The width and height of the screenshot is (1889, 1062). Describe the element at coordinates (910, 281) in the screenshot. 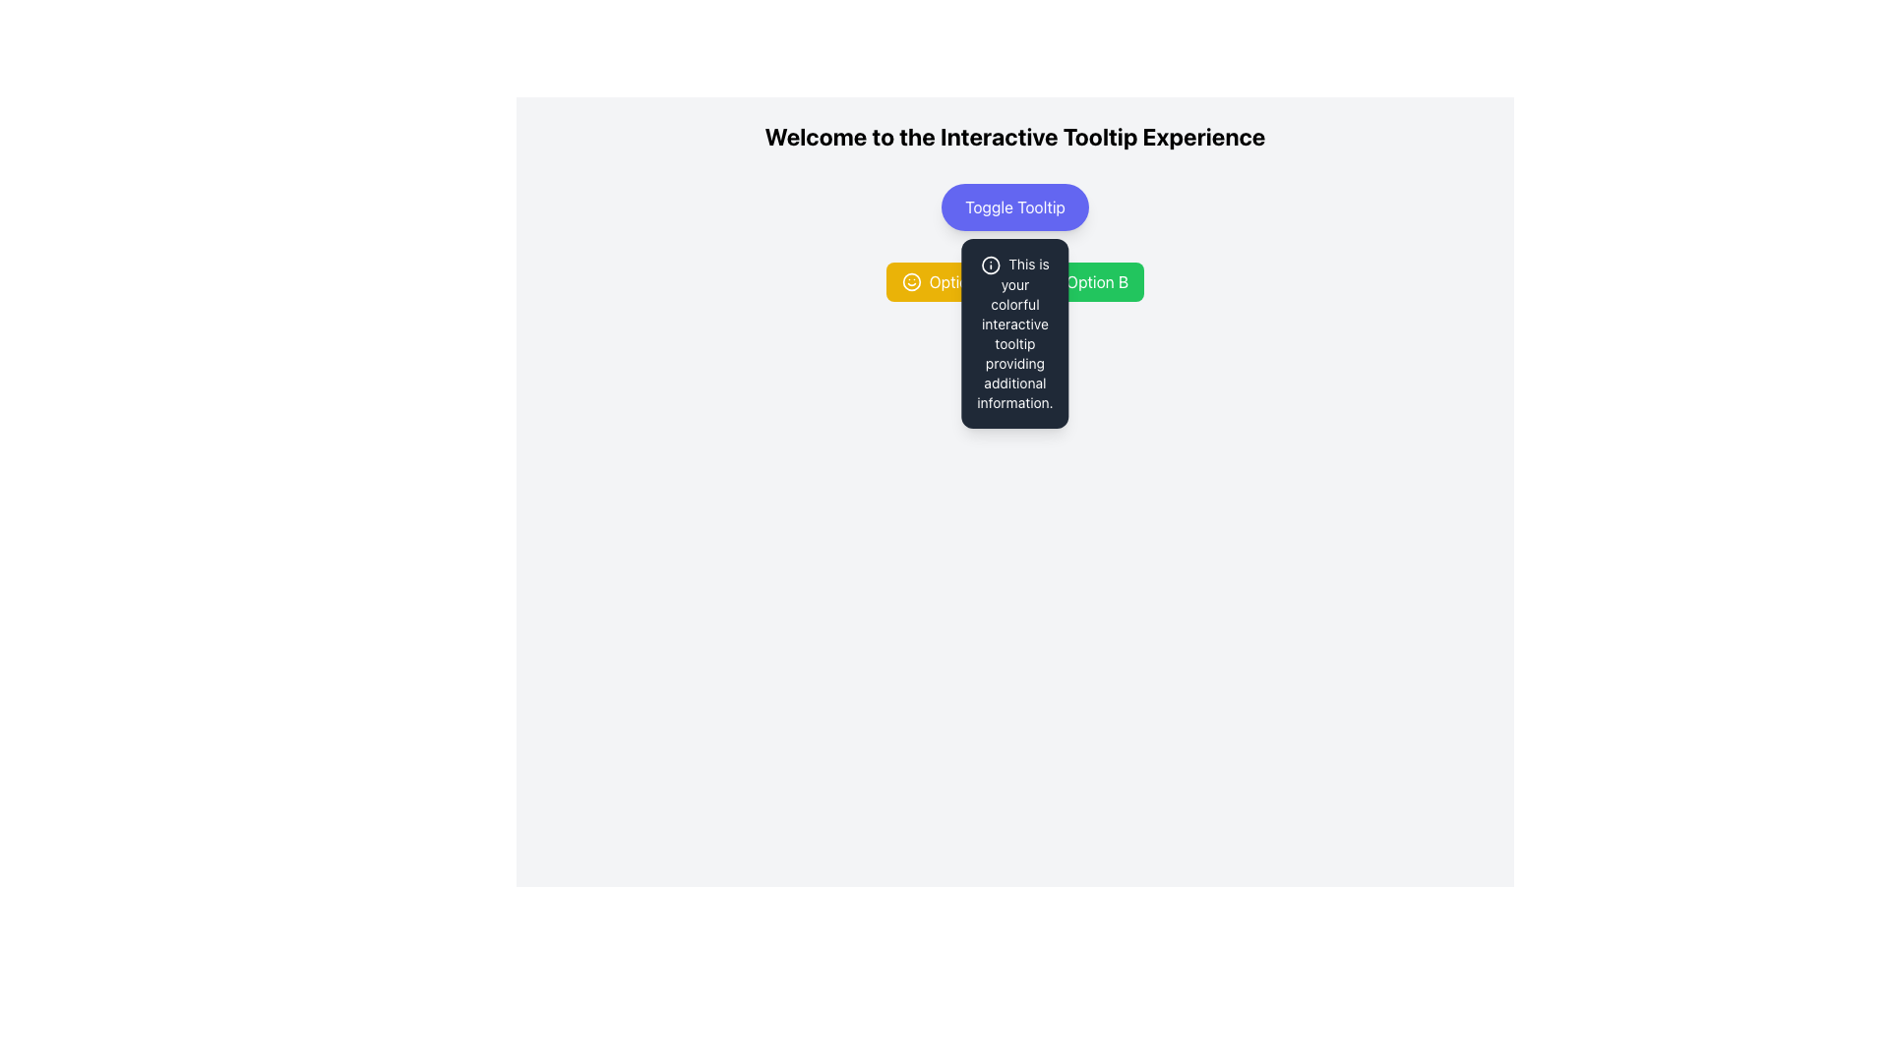

I see `the small smiley face icon located to the immediate left of the text within the bright yellow rectangular button labeled 'Option A'` at that location.